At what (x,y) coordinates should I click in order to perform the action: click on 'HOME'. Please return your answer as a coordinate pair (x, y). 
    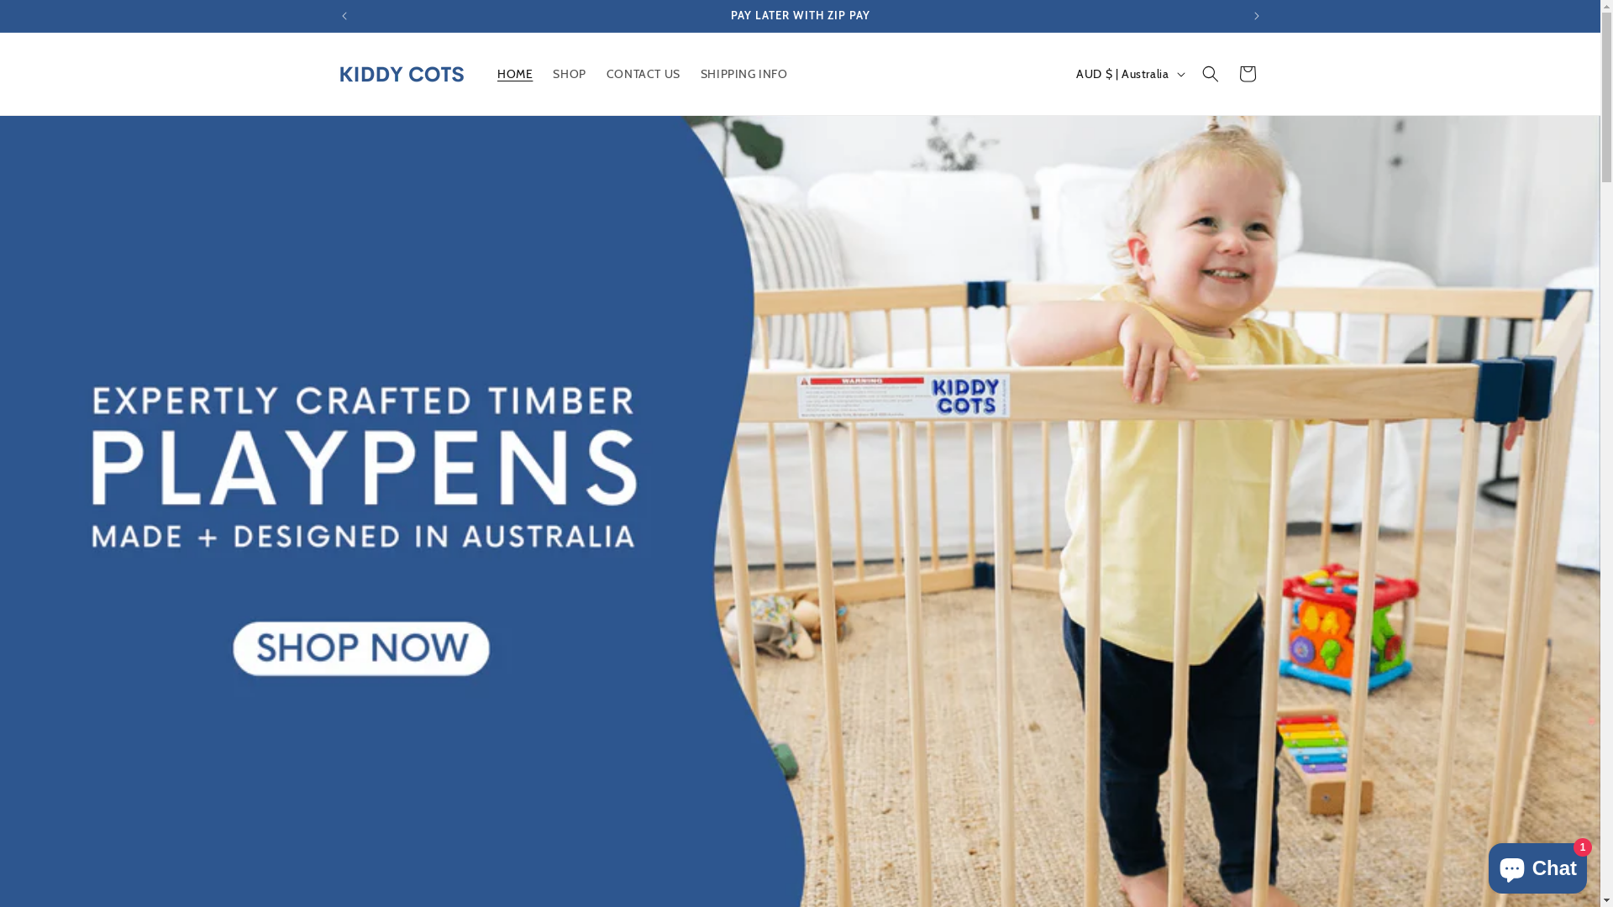
    Looking at the image, I should click on (514, 73).